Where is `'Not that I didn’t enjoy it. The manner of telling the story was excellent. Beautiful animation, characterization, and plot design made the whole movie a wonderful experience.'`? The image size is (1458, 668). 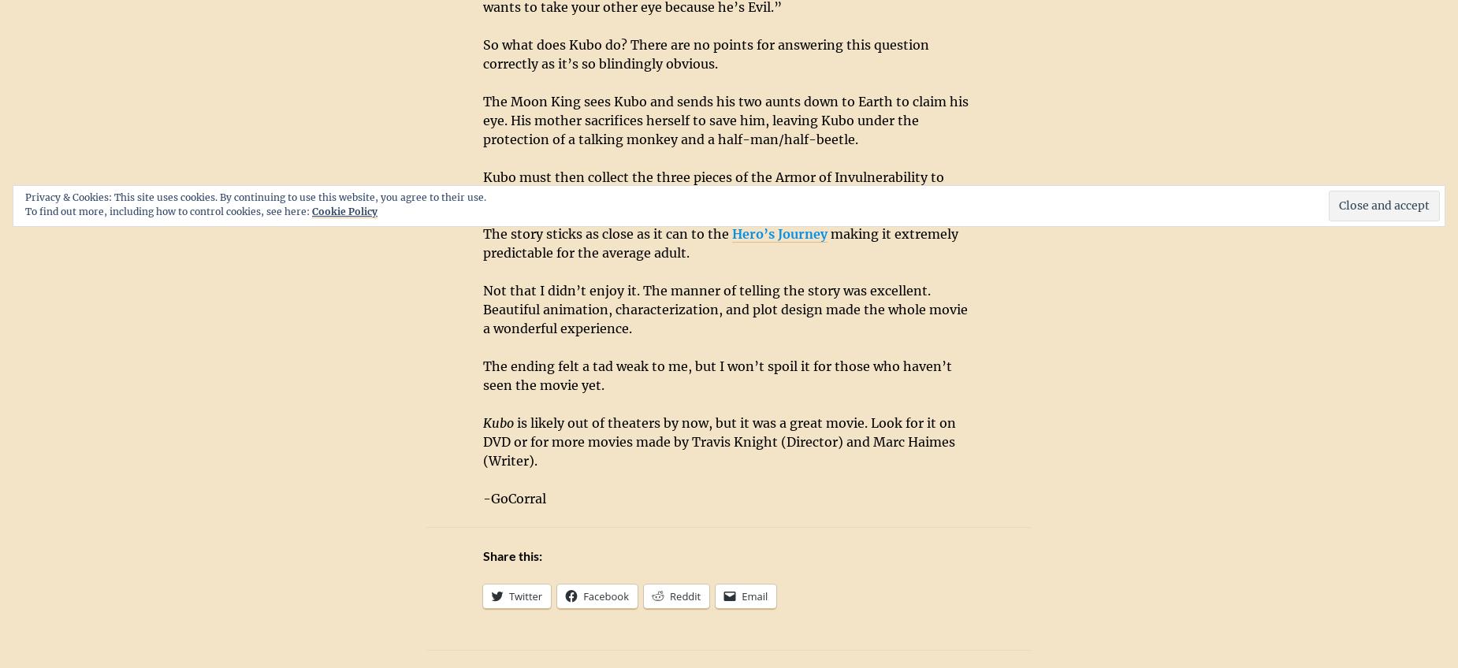 'Not that I didn’t enjoy it. The manner of telling the story was excellent. Beautiful animation, characterization, and plot design made the whole movie a wonderful experience.' is located at coordinates (725, 309).